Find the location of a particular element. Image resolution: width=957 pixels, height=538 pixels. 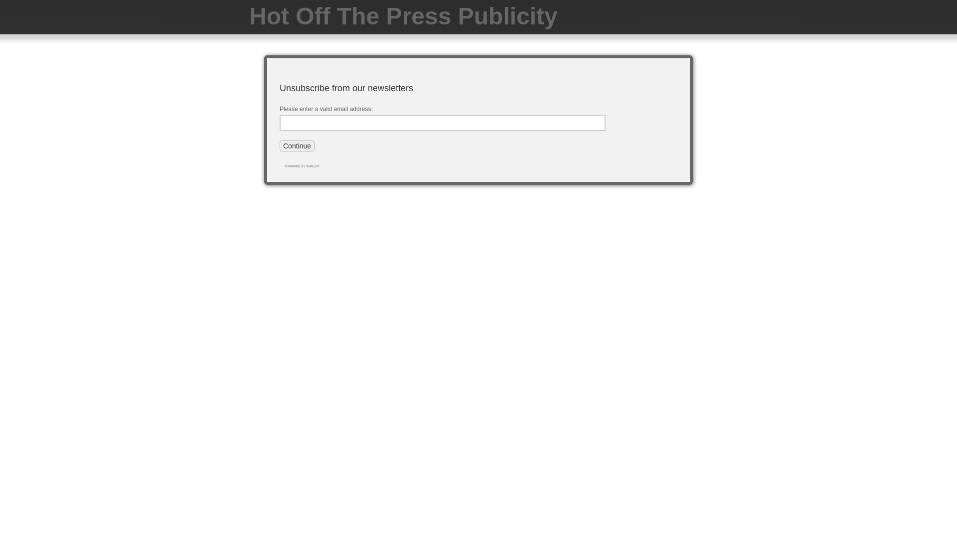

'phpList' is located at coordinates (312, 165).